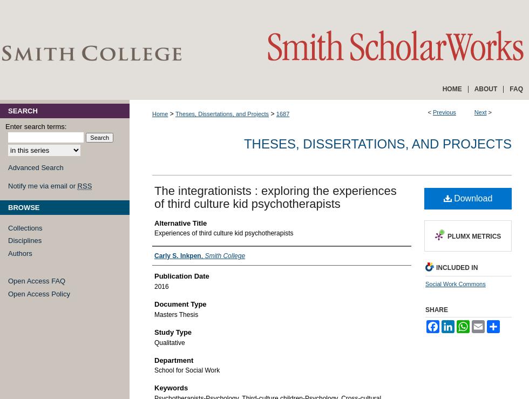 The height and width of the screenshot is (399, 529). I want to click on 'Keywords', so click(154, 388).